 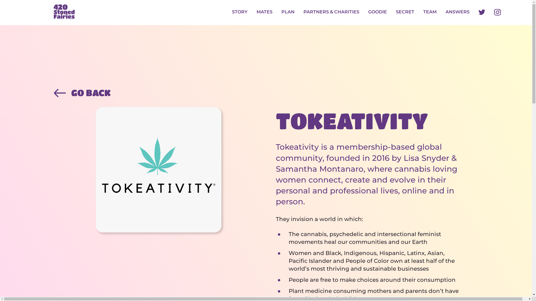 I want to click on 'TEAM', so click(x=423, y=12).